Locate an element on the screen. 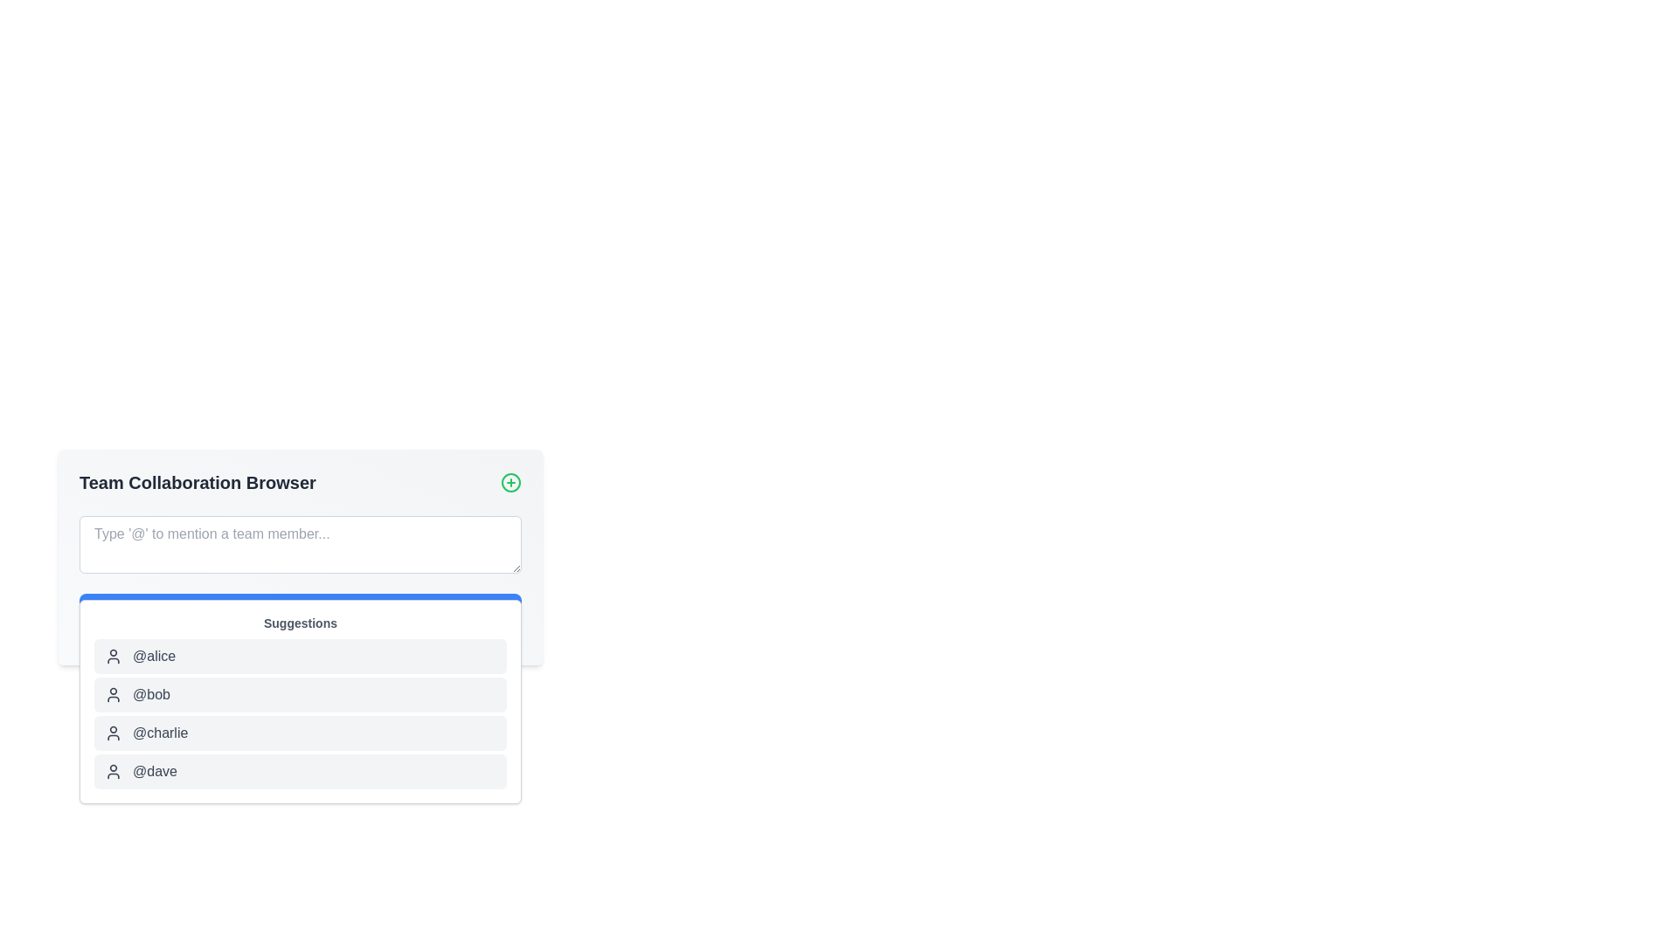  the second list item representing the user '@bob' is located at coordinates (301, 693).